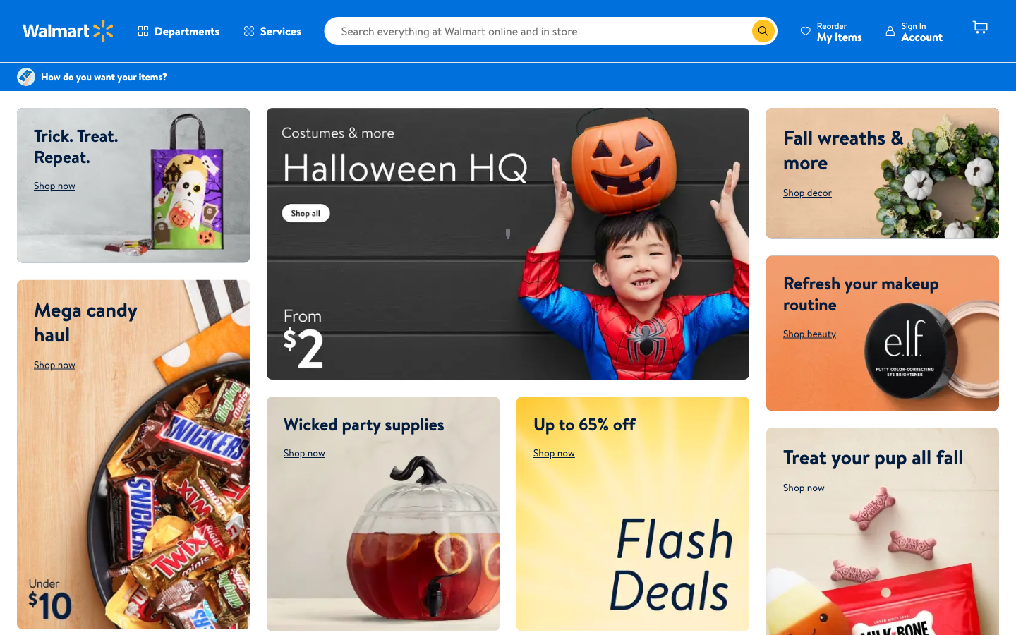 This screenshot has height=635, width=1016. What do you see at coordinates (913, 30) in the screenshot?
I see `the account page` at bounding box center [913, 30].